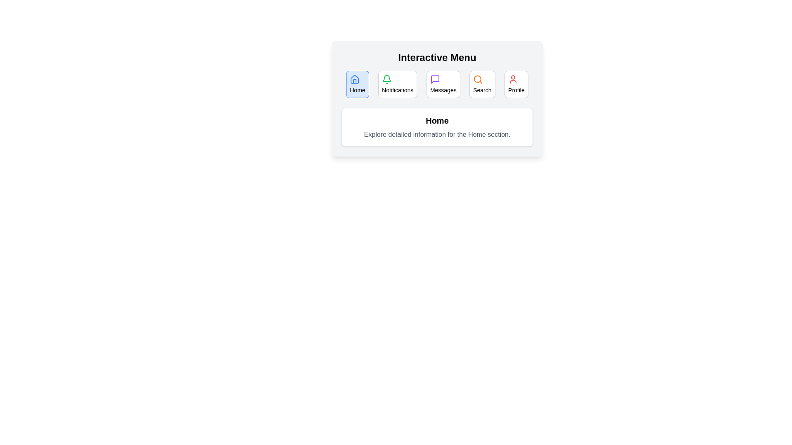 The width and height of the screenshot is (792, 445). What do you see at coordinates (478, 79) in the screenshot?
I see `the search icon located within the fourth button labeled 'Search' in the second row of the interactive menu` at bounding box center [478, 79].